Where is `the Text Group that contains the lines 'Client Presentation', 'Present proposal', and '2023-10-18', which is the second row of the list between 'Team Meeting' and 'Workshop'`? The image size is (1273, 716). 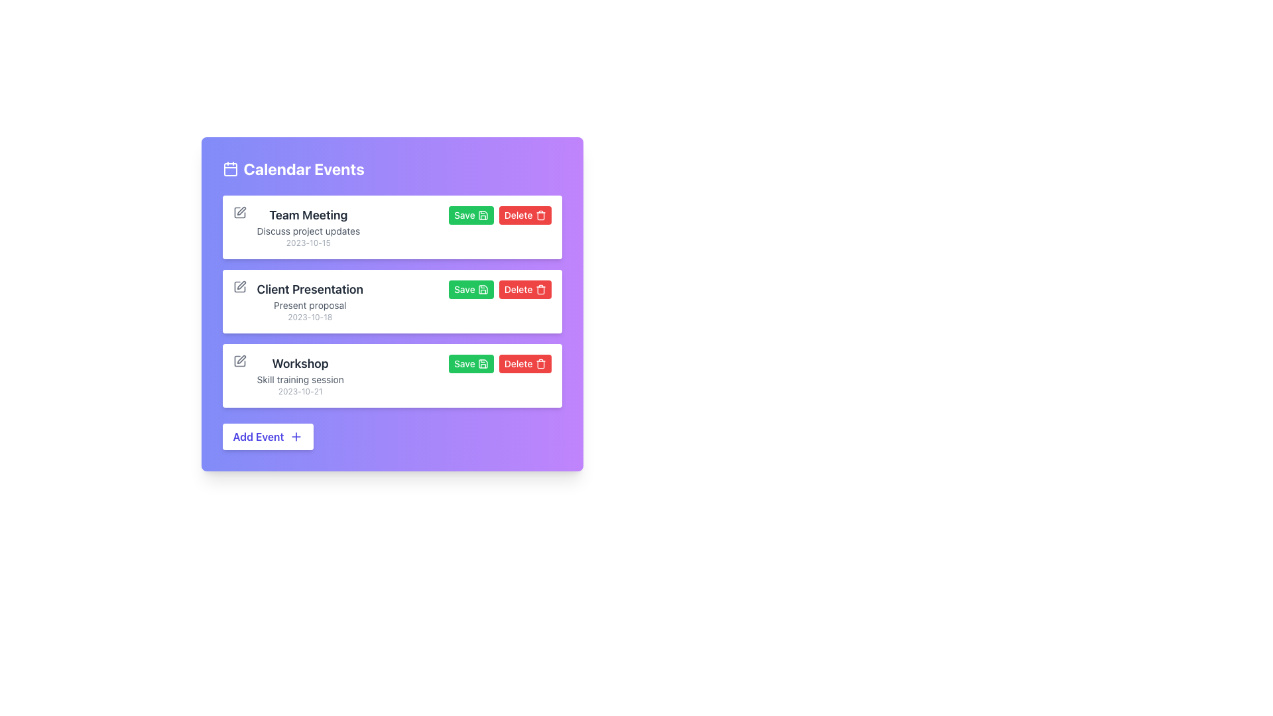
the Text Group that contains the lines 'Client Presentation', 'Present proposal', and '2023-10-18', which is the second row of the list between 'Team Meeting' and 'Workshop' is located at coordinates (309, 302).